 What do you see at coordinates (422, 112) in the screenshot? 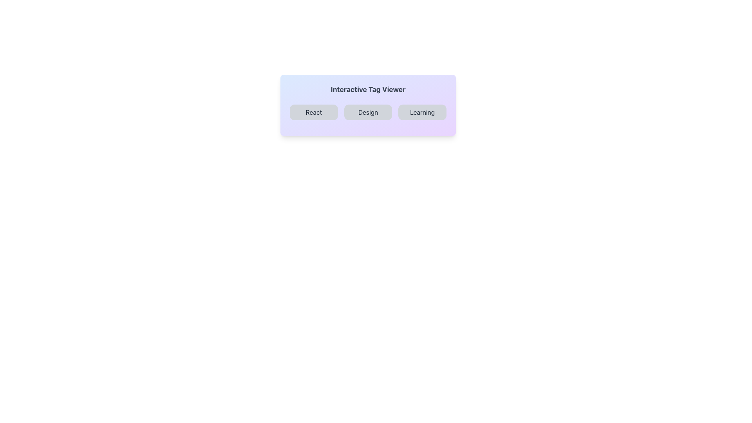
I see `the 'Learning' button, which is the third button in a grid layout under the title 'Interactive Tag Viewer'` at bounding box center [422, 112].